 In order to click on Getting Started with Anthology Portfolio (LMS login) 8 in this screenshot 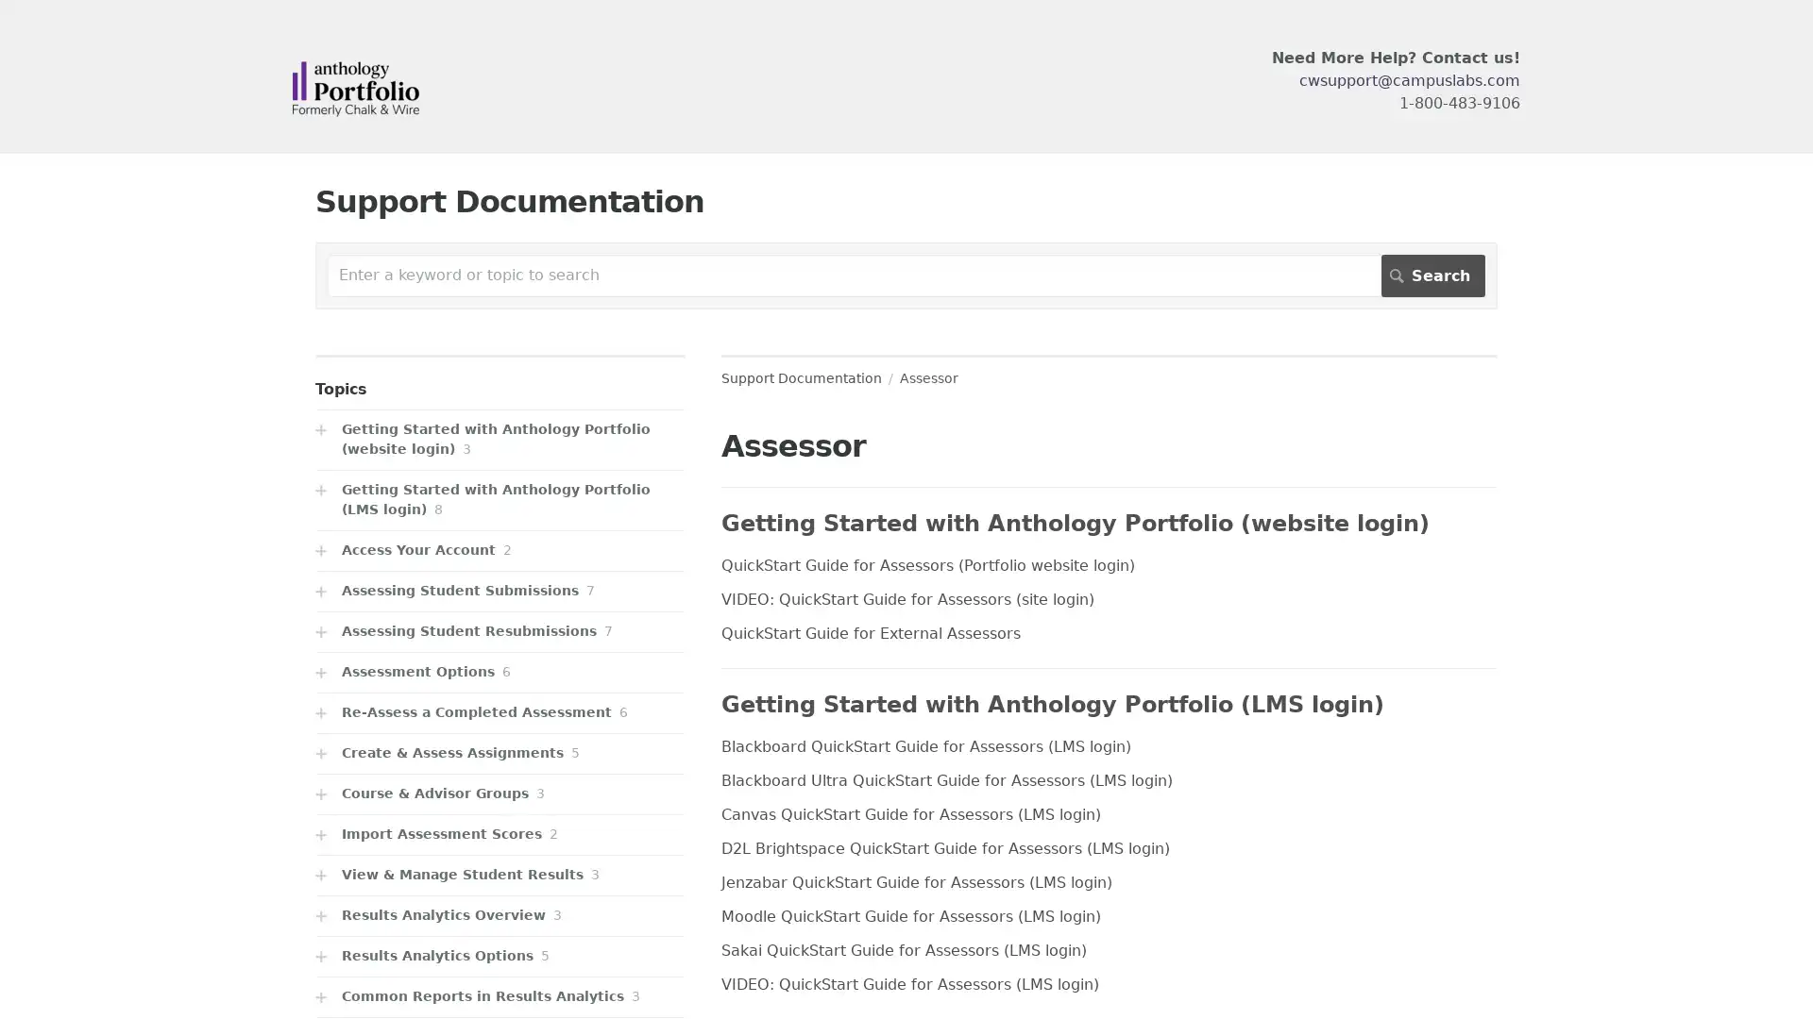, I will do `click(500, 498)`.